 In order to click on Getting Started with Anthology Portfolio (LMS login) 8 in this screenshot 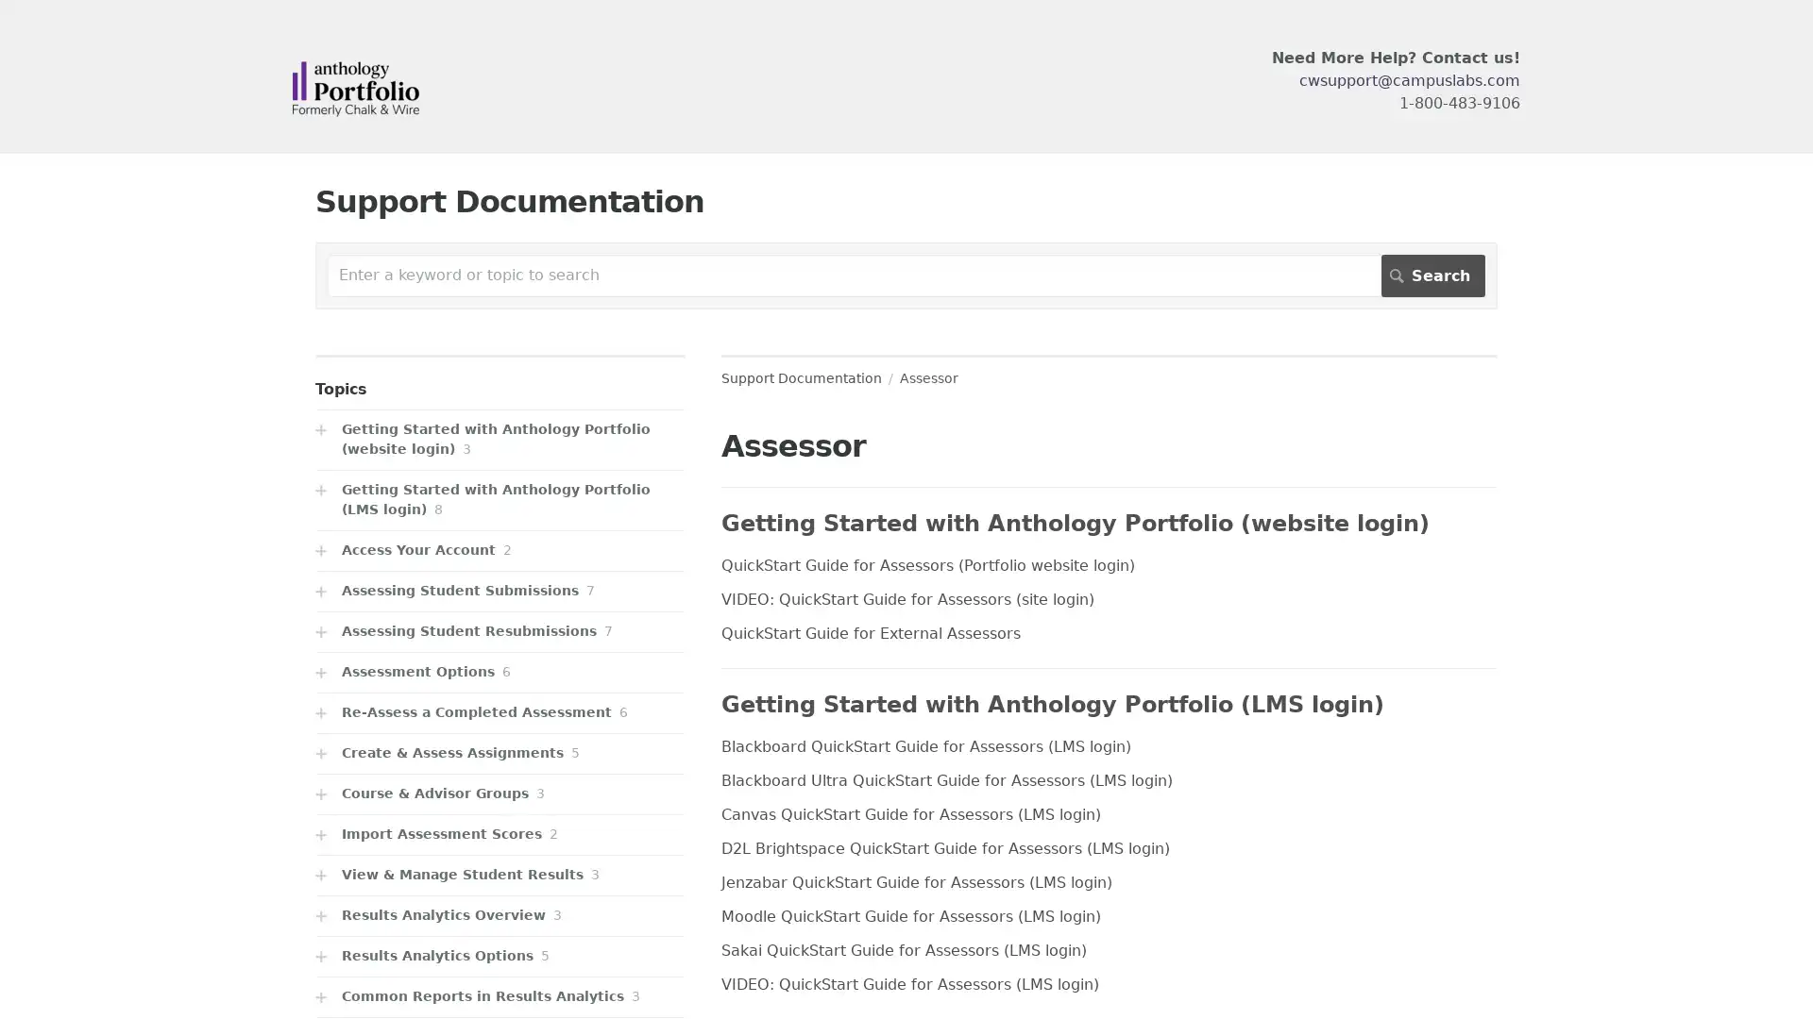, I will do `click(500, 498)`.